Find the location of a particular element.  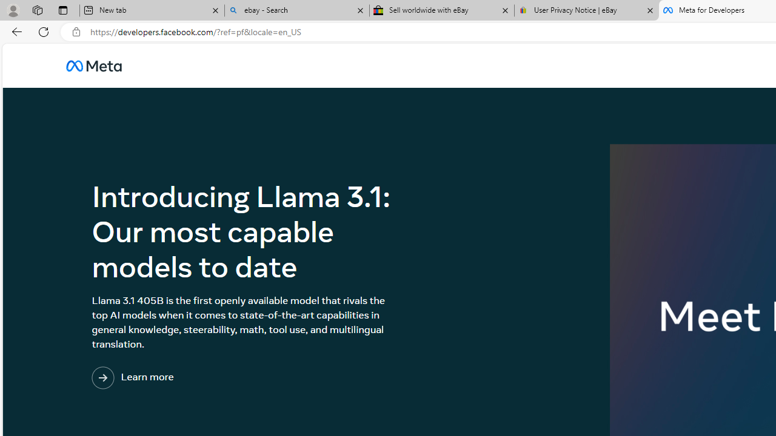

'AutomationID: u_0_25_3H' is located at coordinates (93, 65).